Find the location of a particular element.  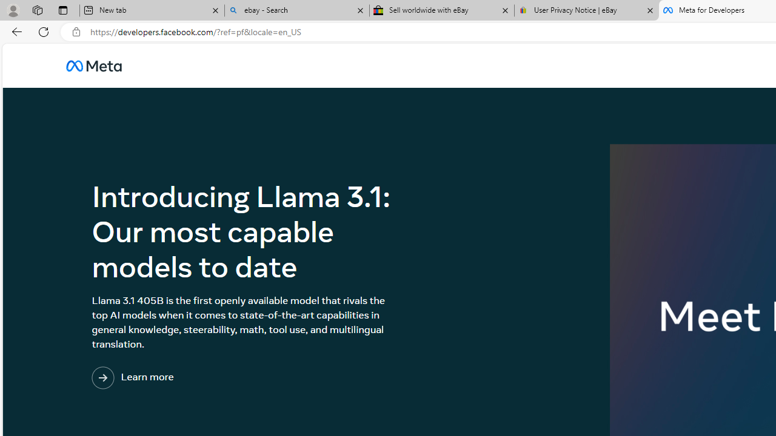

'AutomationID: u_0_25_3H' is located at coordinates (93, 65).